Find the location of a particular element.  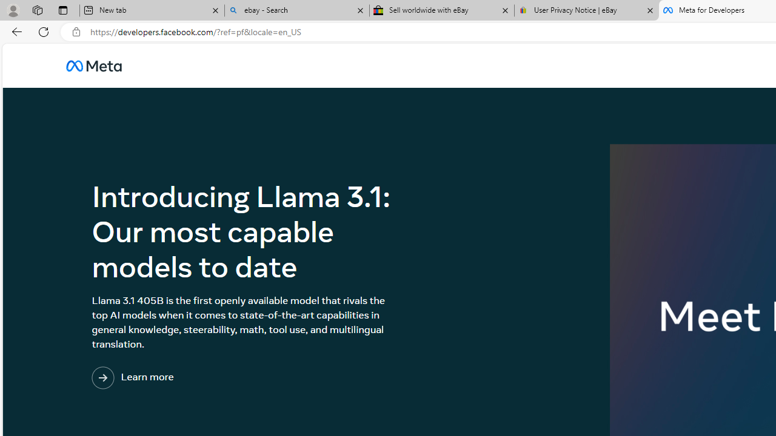

'AutomationID: u_0_25_3H' is located at coordinates (93, 65).